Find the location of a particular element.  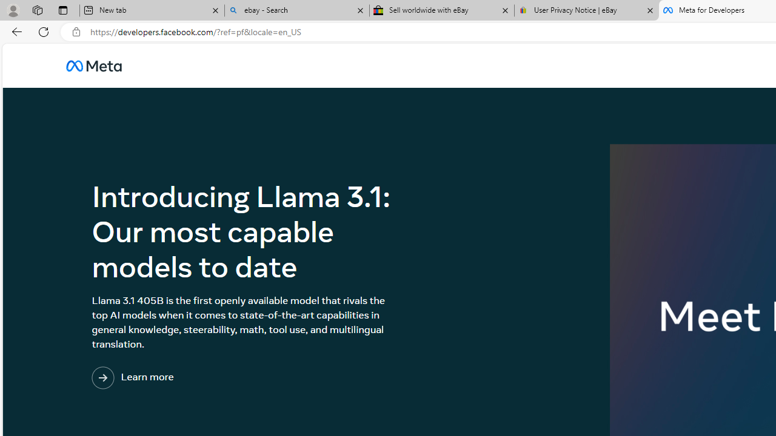

'AutomationID: u_0_25_3H' is located at coordinates (93, 65).